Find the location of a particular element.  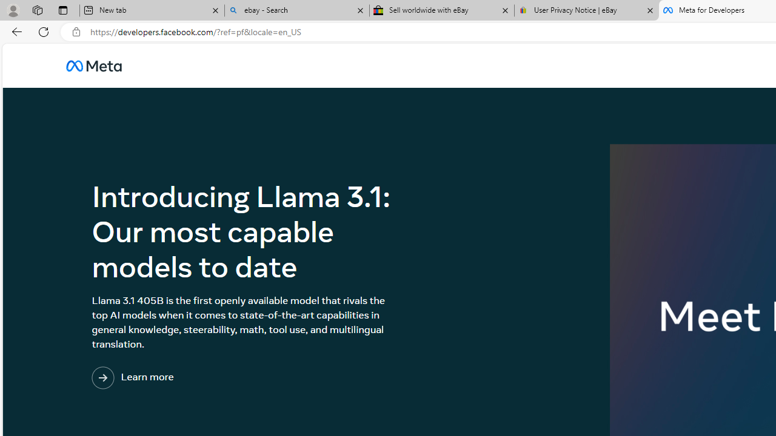

'AutomationID: u_0_25_3H' is located at coordinates (93, 65).